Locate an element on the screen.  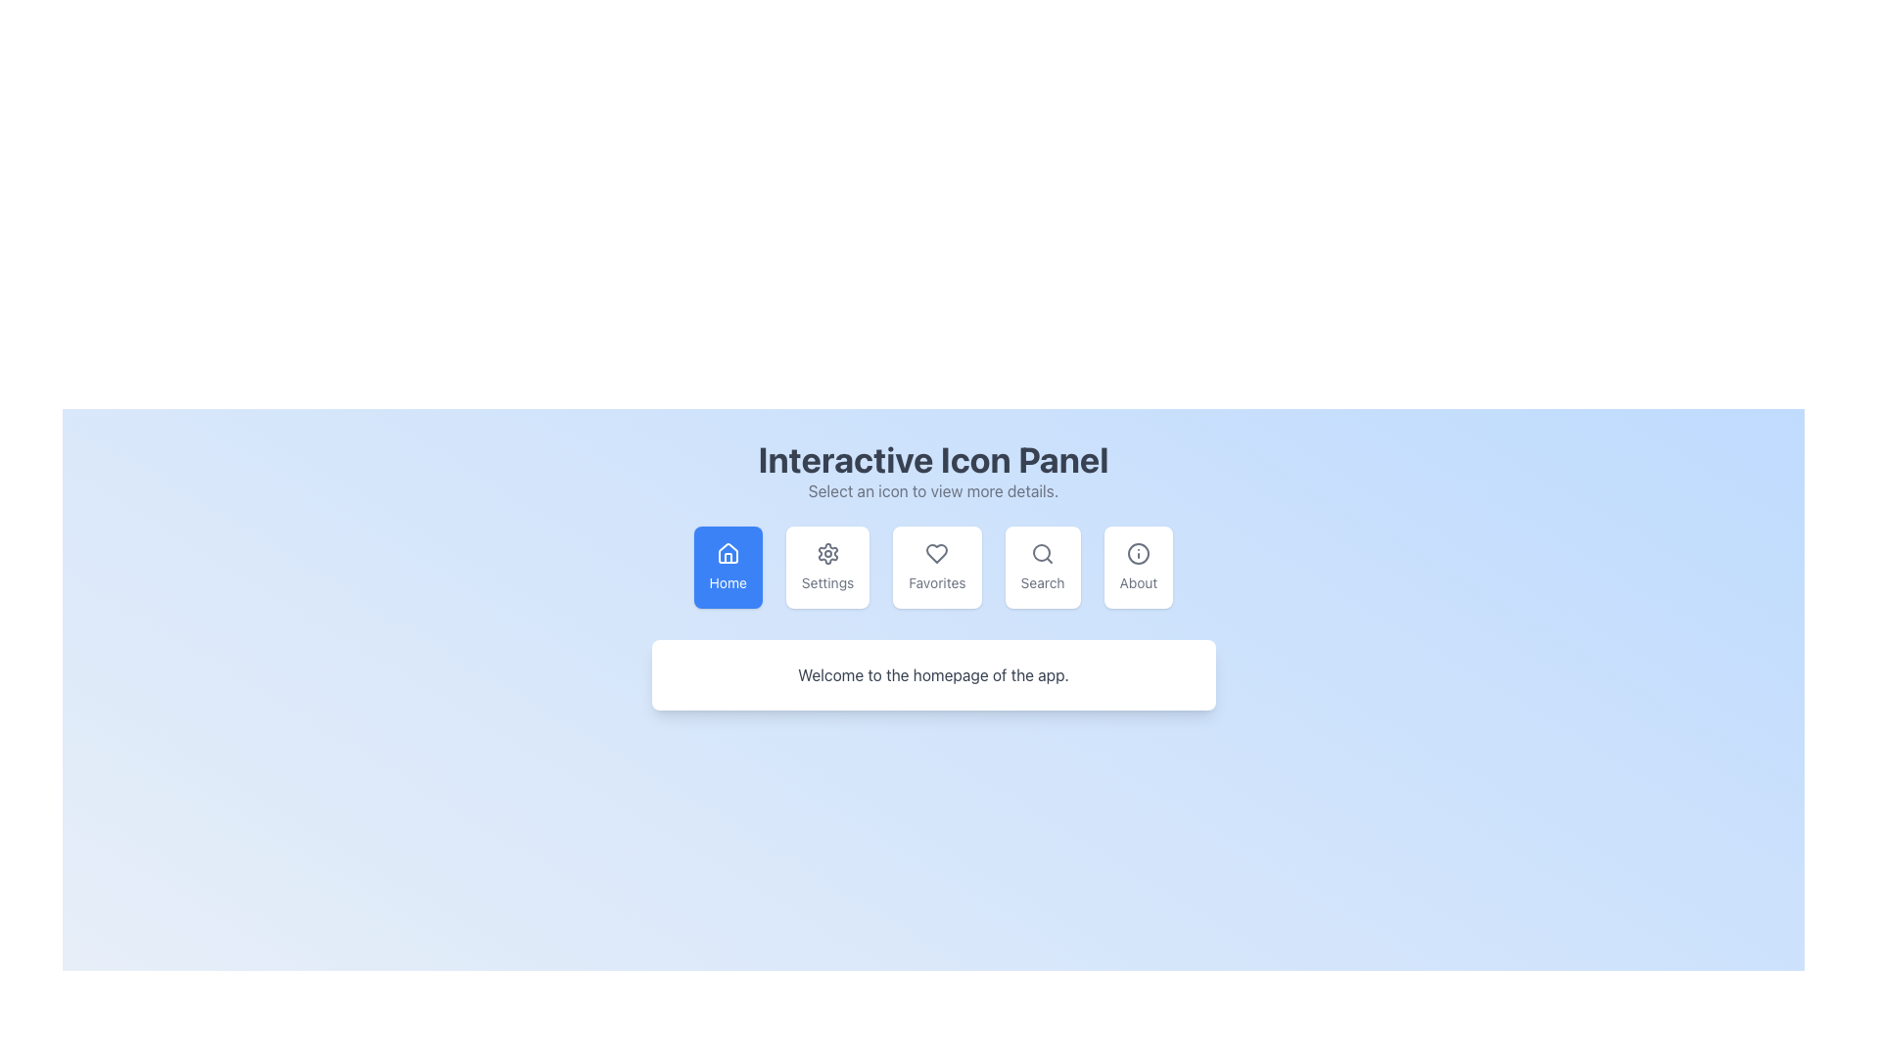
the 'About' button, which is a rectangular button with a light white background and gray text, positioned as the fifth button in a horizontal row of icons is located at coordinates (1138, 567).